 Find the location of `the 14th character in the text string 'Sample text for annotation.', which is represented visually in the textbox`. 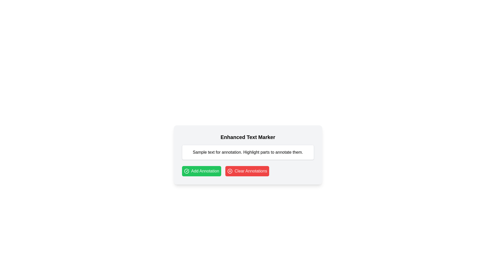

the 14th character in the text string 'Sample text for annotation.', which is represented visually in the textbox is located at coordinates (218, 152).